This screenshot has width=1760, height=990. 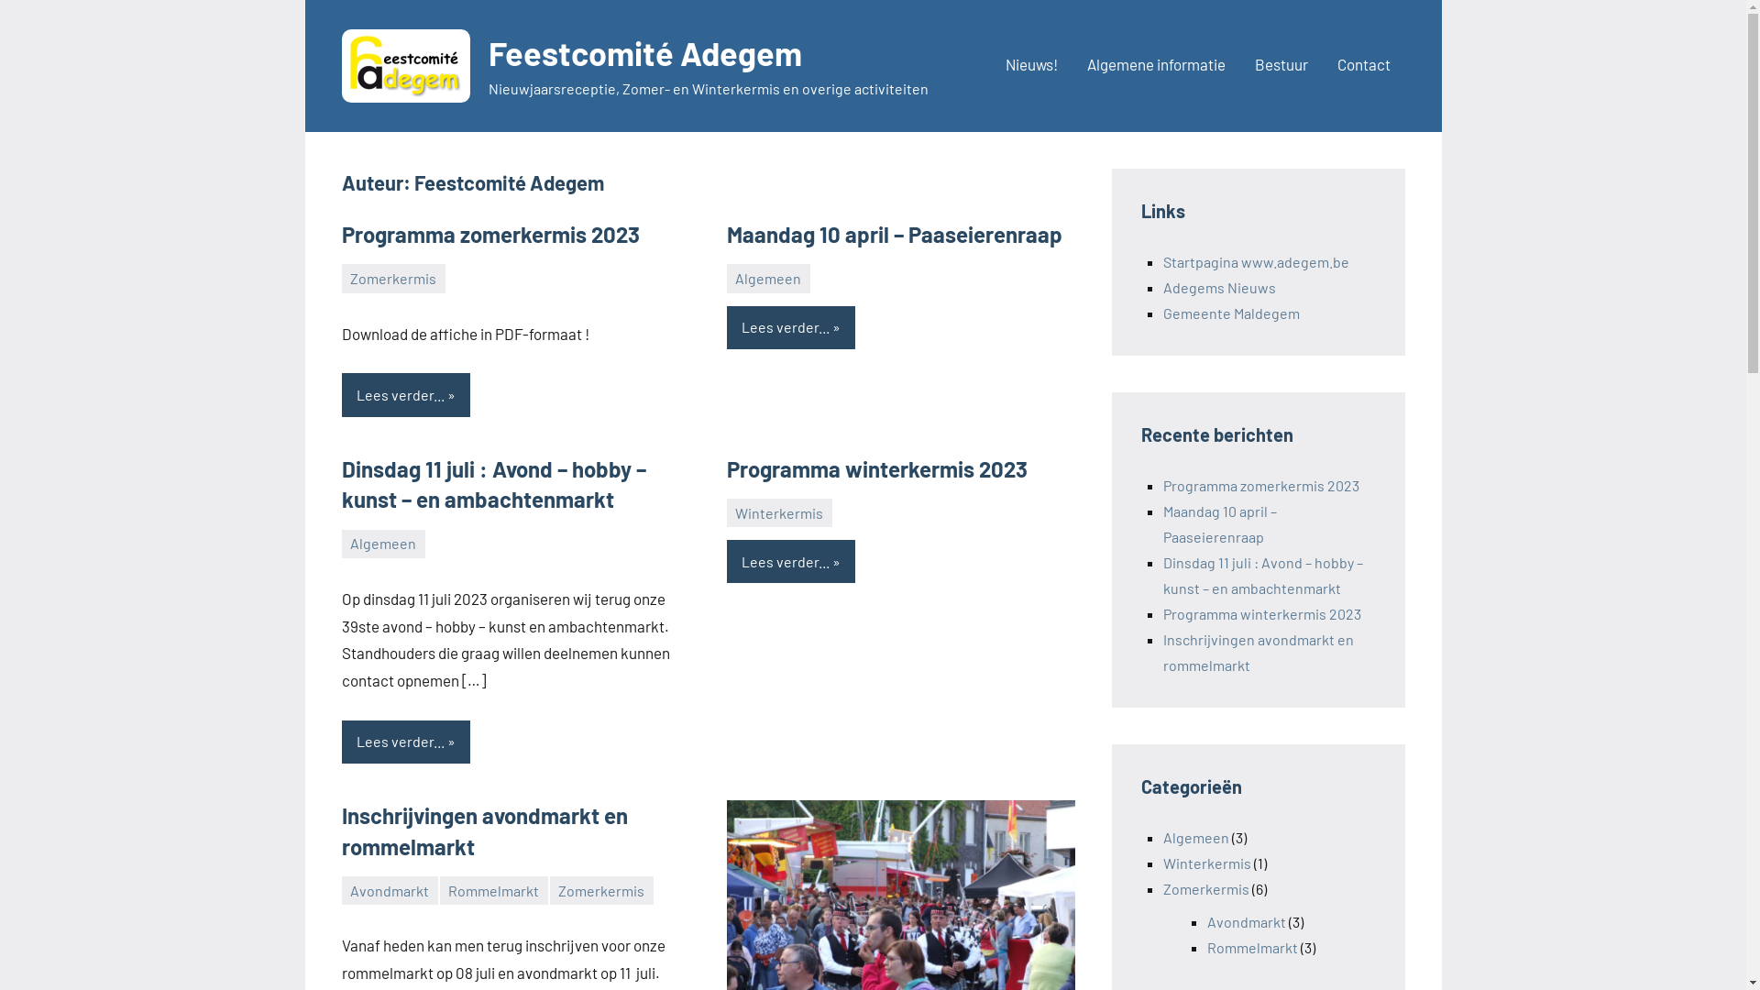 What do you see at coordinates (1279, 64) in the screenshot?
I see `'Bestuur'` at bounding box center [1279, 64].